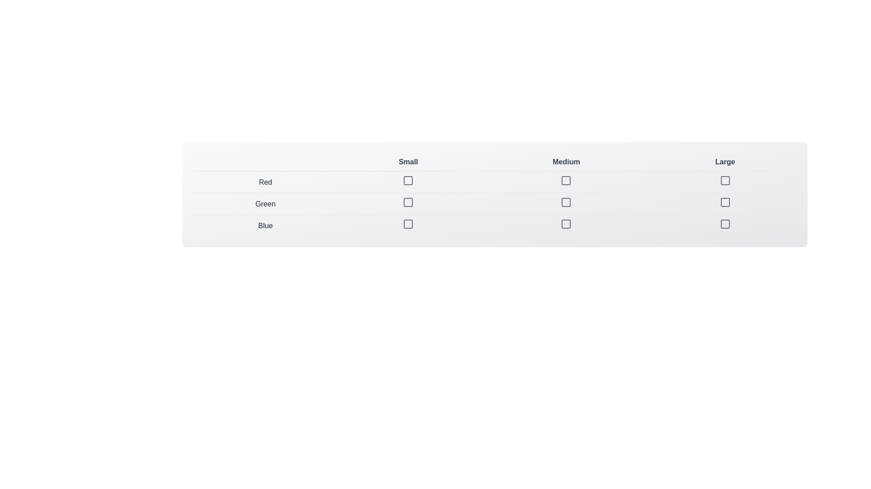 The image size is (871, 489). What do you see at coordinates (265, 225) in the screenshot?
I see `the text label that says 'Blue', which is located in the third row of a table-like structure, horizontally aligned with 'Red' and 'Green' and vertically aligned with checkbox options labeled 'Small'` at bounding box center [265, 225].